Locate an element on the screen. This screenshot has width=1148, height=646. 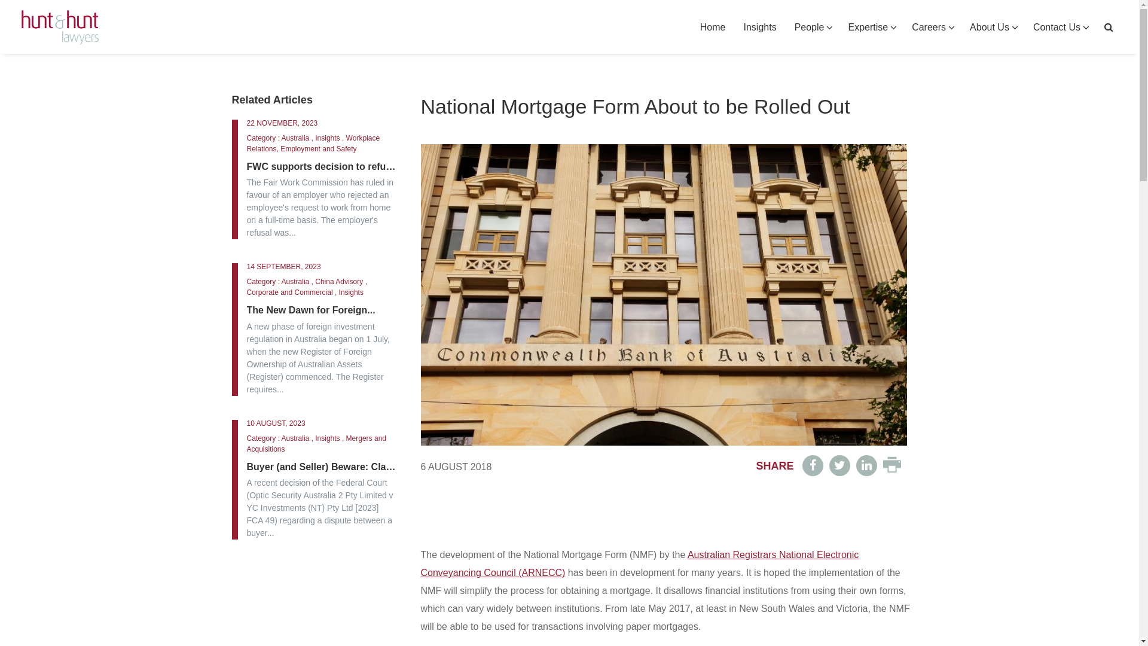
'Careers' is located at coordinates (931, 27).